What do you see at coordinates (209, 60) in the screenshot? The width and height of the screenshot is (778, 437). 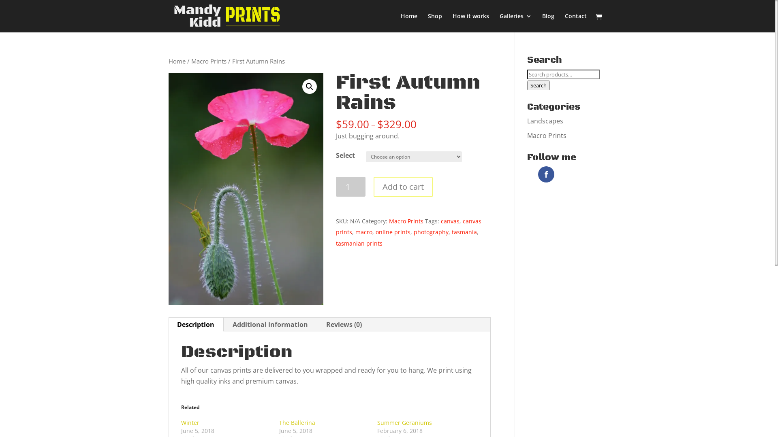 I see `'Macro Prints'` at bounding box center [209, 60].